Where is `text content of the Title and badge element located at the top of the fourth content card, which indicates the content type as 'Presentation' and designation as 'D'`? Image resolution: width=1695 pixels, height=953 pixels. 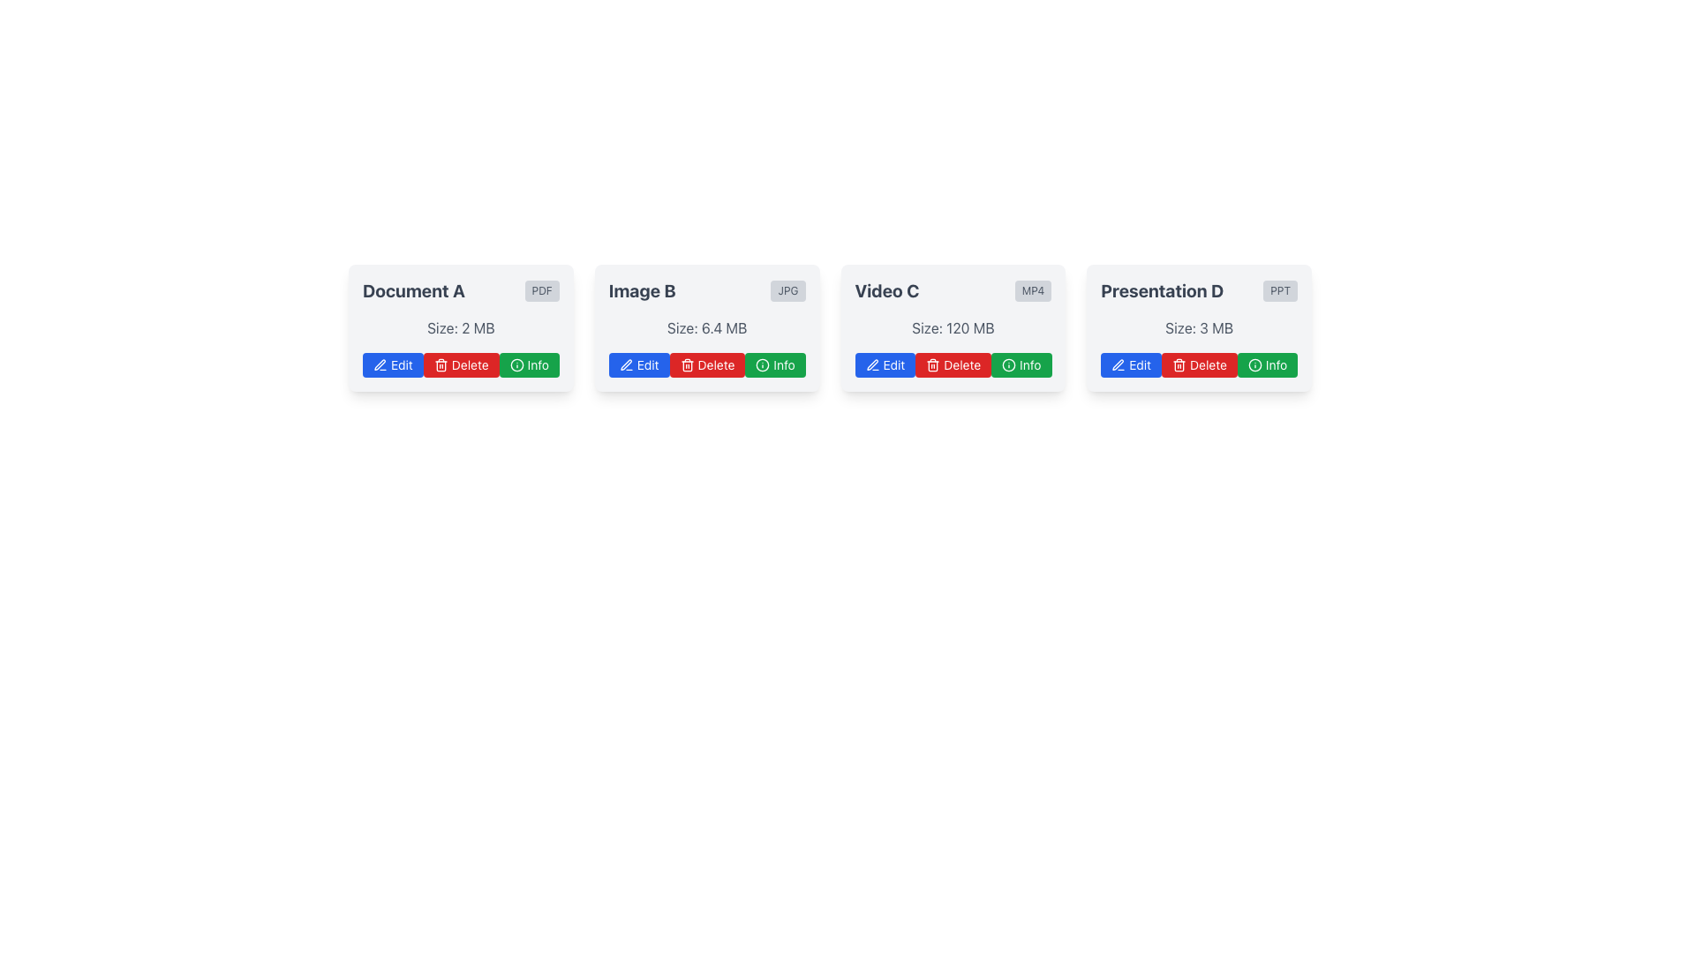
text content of the Title and badge element located at the top of the fourth content card, which indicates the content type as 'Presentation' and designation as 'D' is located at coordinates (1199, 290).